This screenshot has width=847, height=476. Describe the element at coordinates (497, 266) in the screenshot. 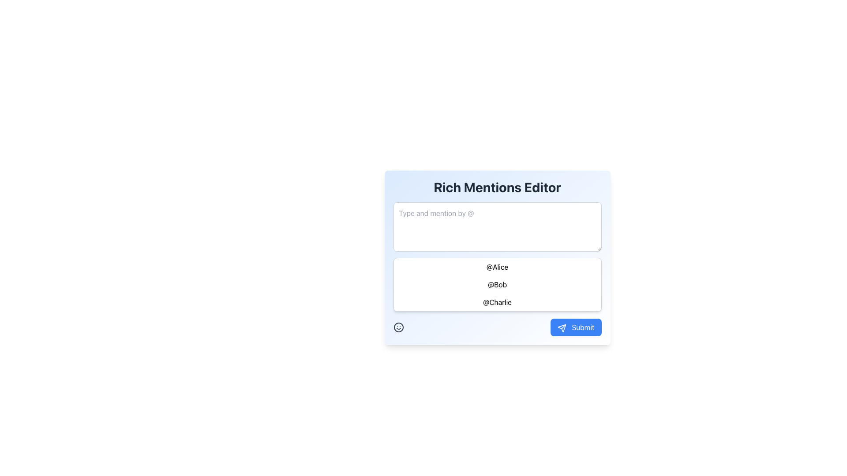

I see `the list item displaying '@Alice' in bold black font` at that location.